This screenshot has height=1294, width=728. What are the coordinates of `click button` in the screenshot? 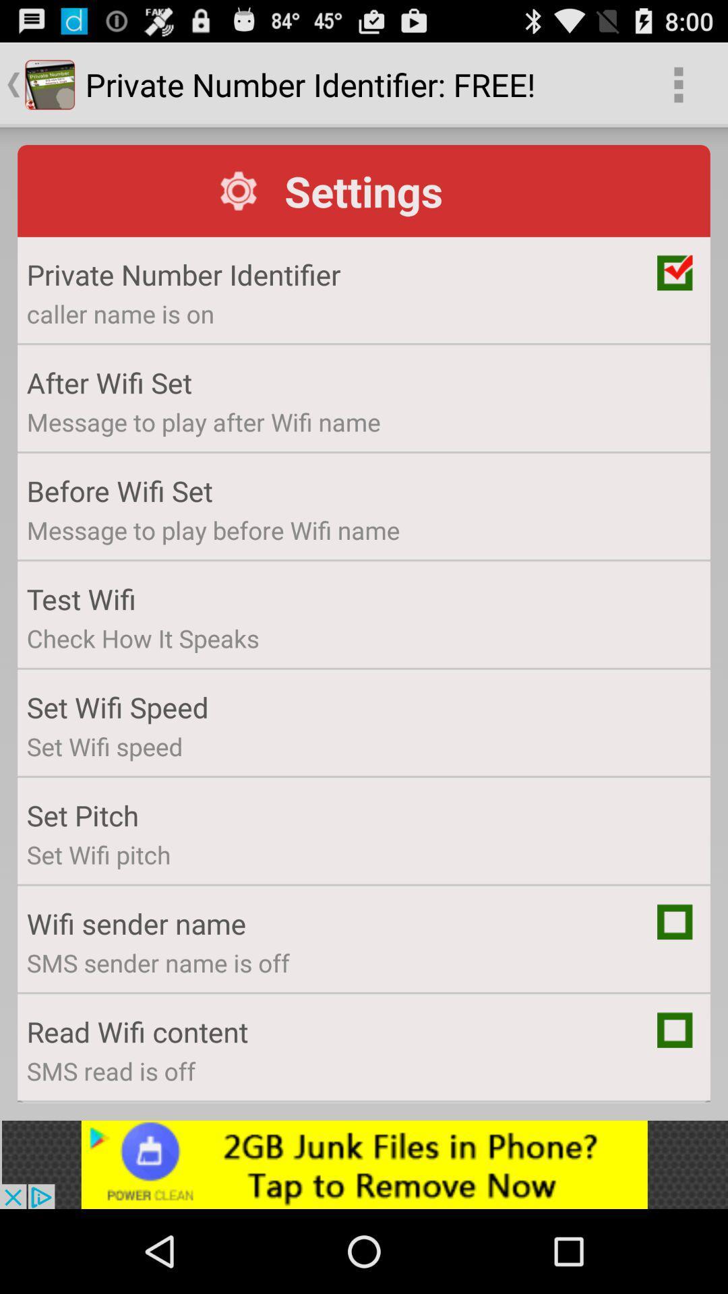 It's located at (675, 1029).